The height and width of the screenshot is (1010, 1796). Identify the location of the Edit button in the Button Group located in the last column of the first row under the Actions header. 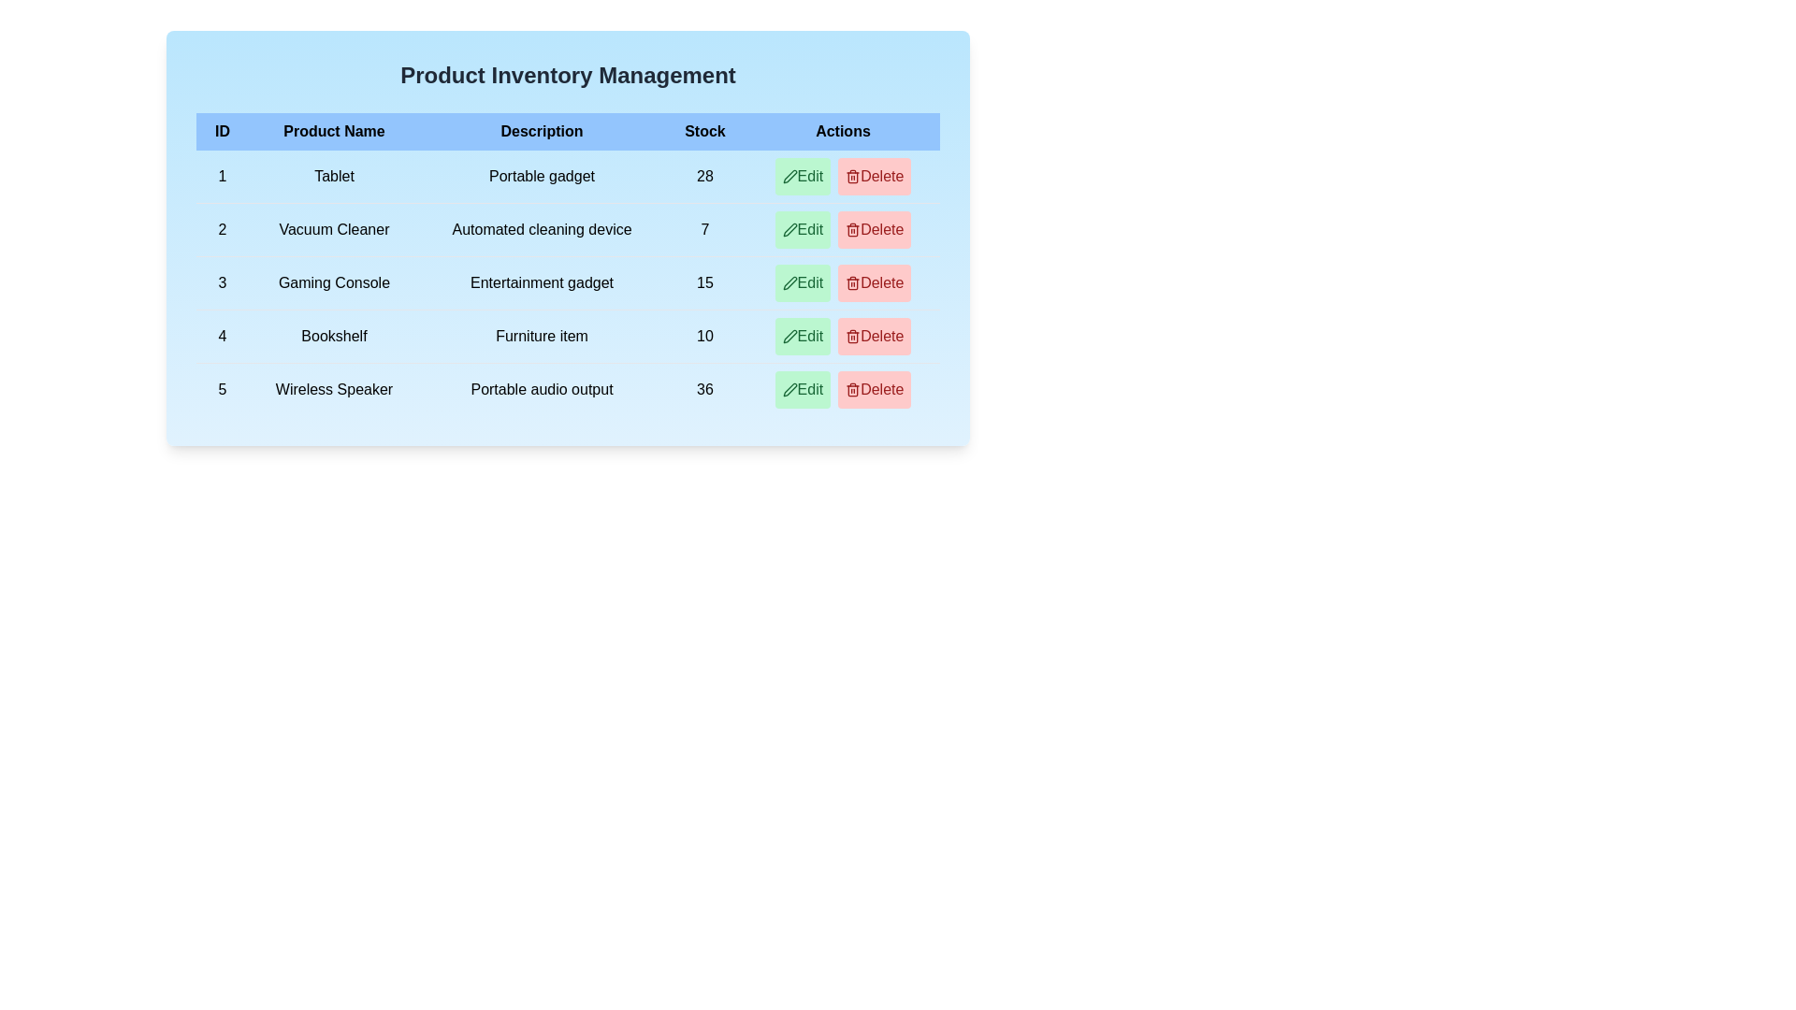
(842, 177).